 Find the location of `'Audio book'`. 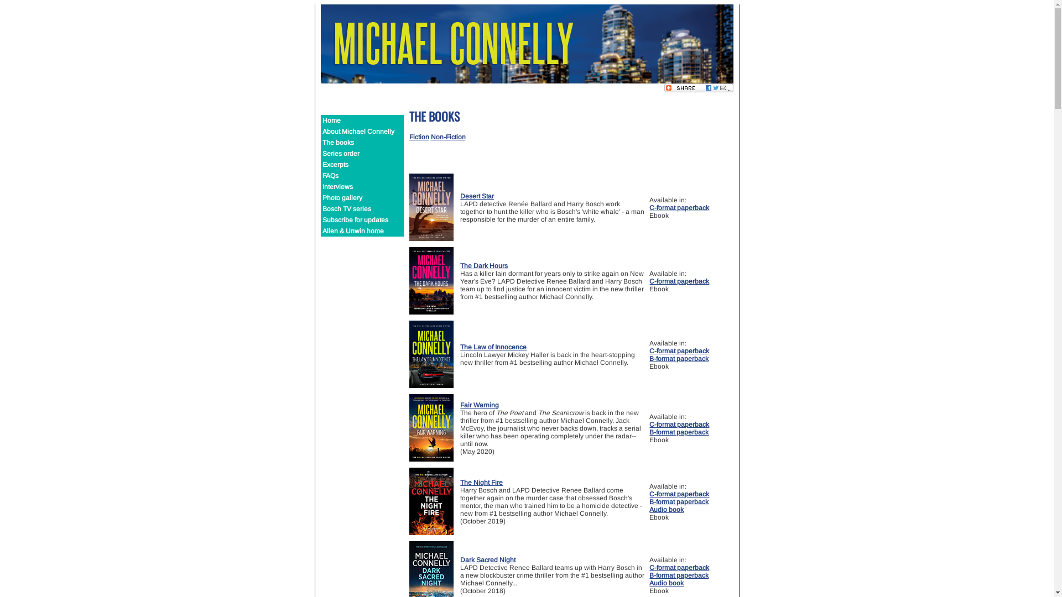

'Audio book' is located at coordinates (665, 509).